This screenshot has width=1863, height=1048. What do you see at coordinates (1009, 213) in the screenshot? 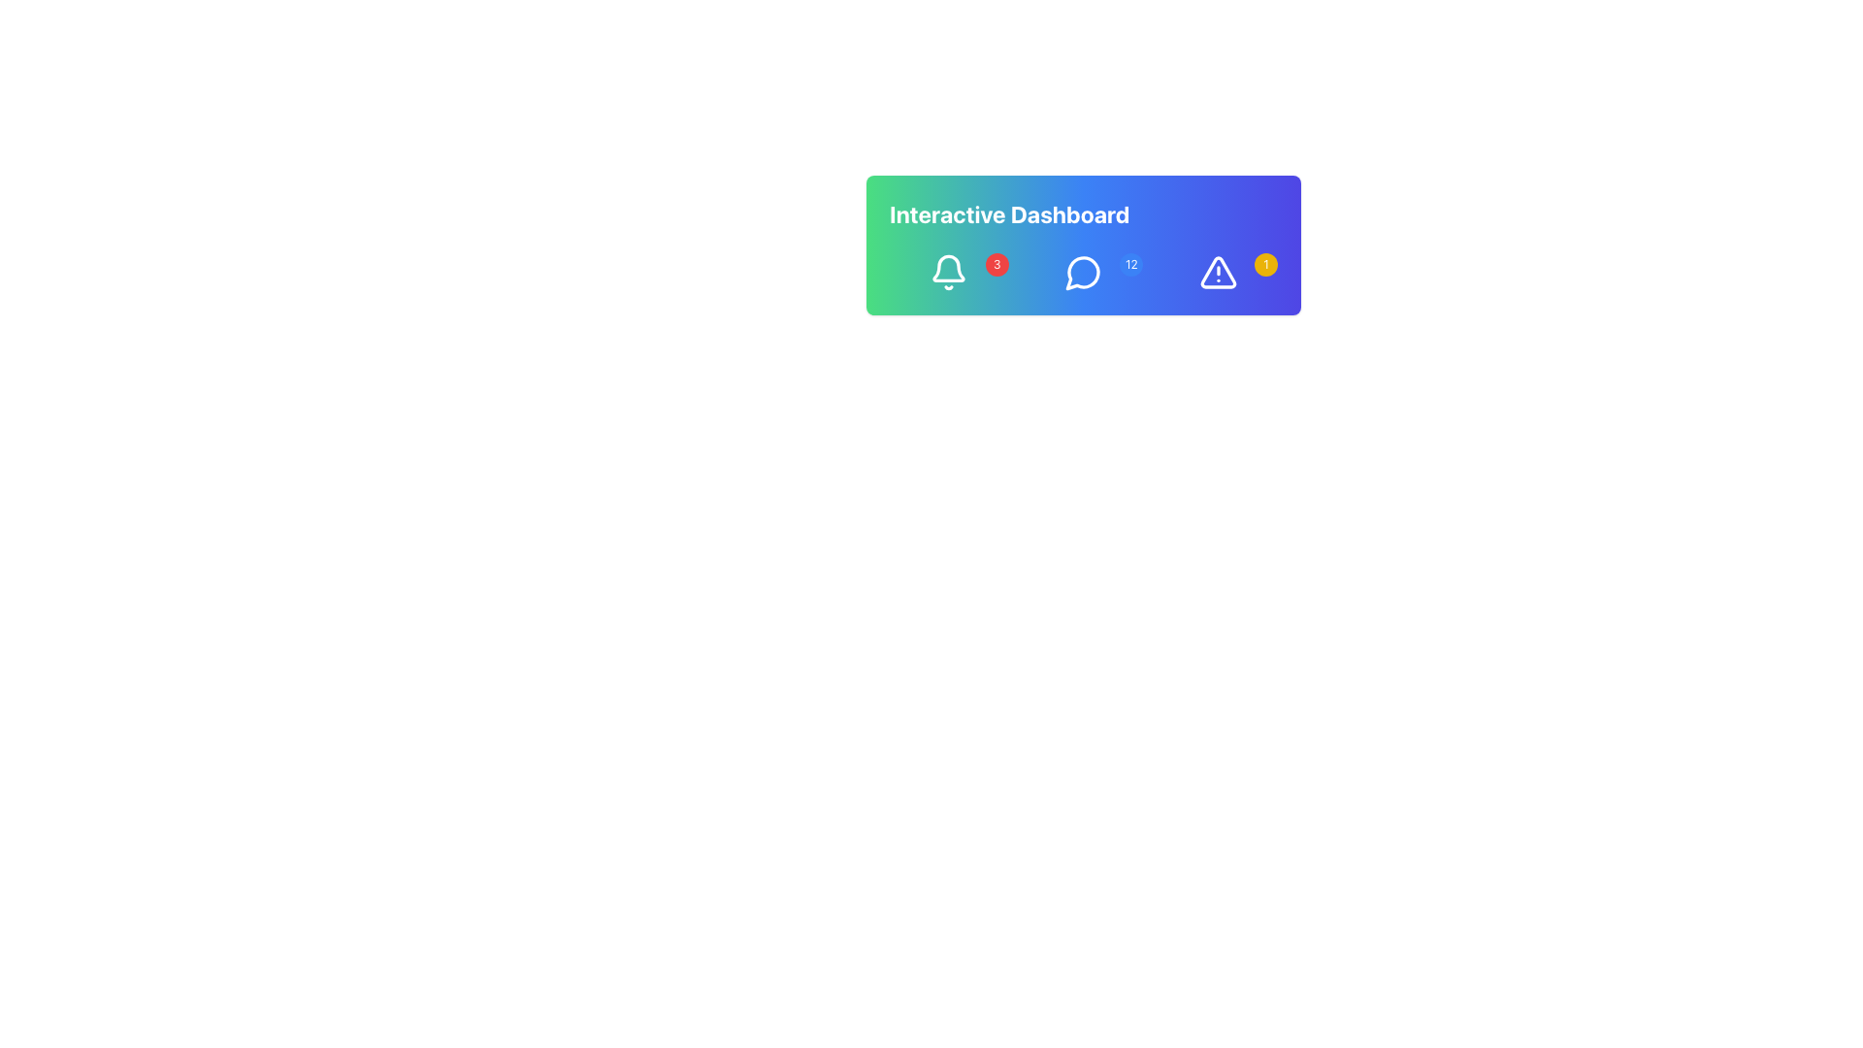
I see `the text label displaying 'Interactive Dashboard' in bold font located on the left side of the header section` at bounding box center [1009, 213].